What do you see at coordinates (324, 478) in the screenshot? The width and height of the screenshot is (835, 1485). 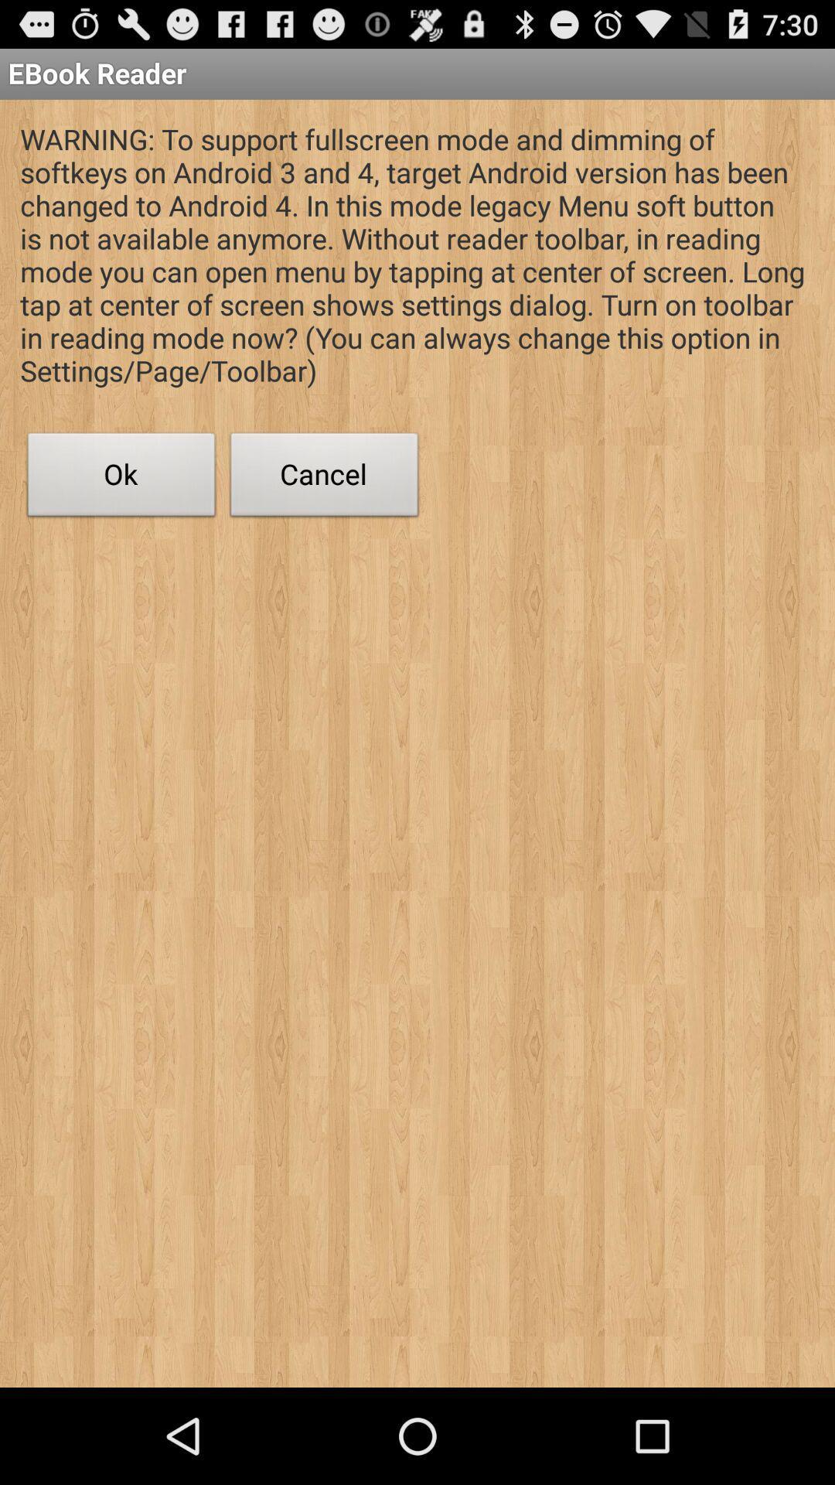 I see `cancel button` at bounding box center [324, 478].